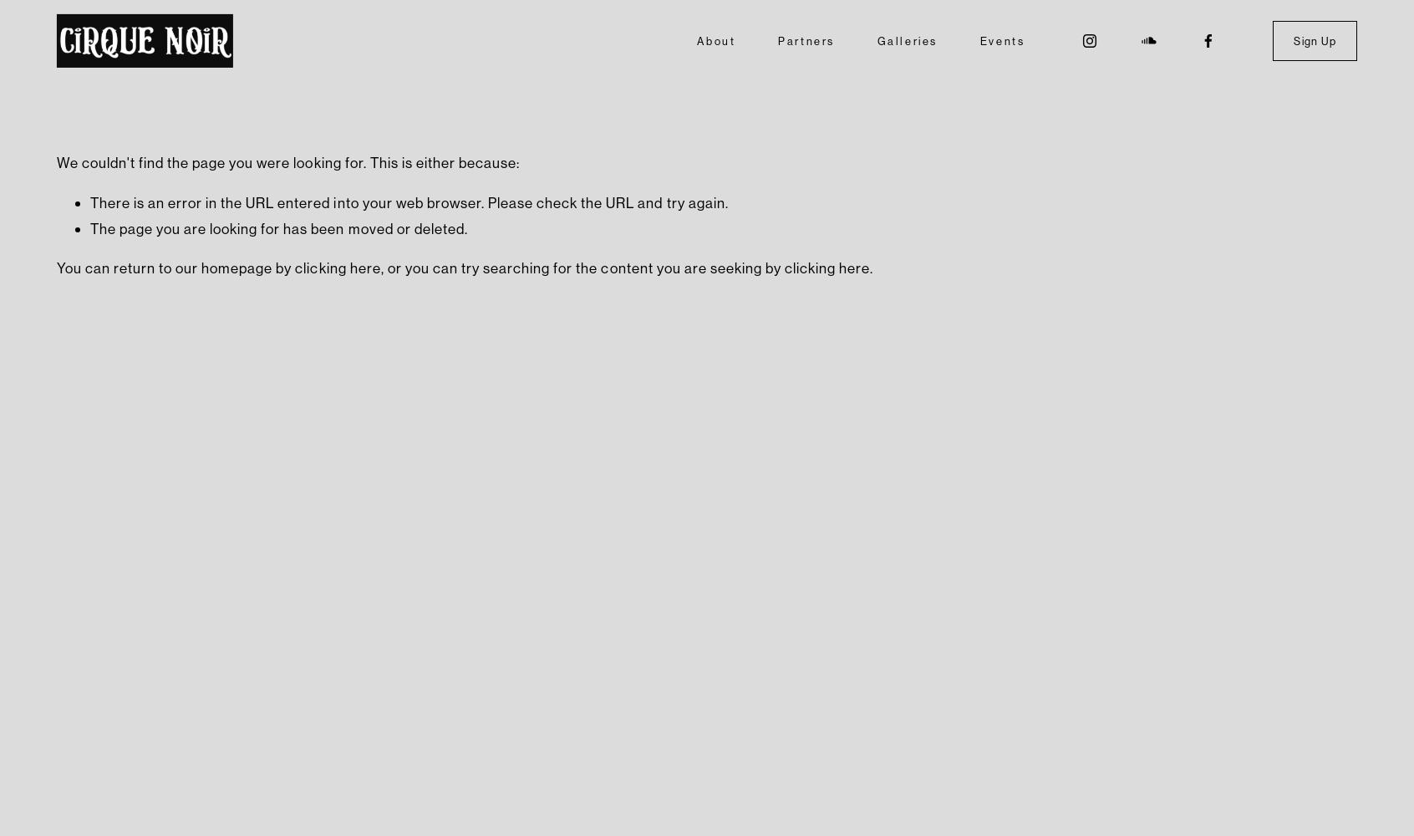 This screenshot has width=1414, height=836. What do you see at coordinates (287, 161) in the screenshot?
I see `'We couldn't find the page you were looking for. This is either because:'` at bounding box center [287, 161].